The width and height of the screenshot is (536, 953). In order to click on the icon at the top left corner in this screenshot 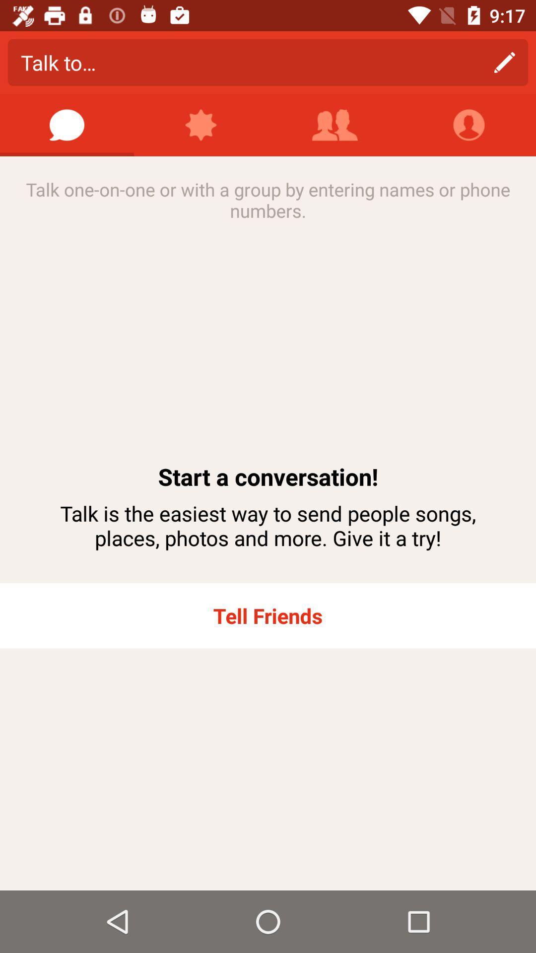, I will do `click(67, 125)`.